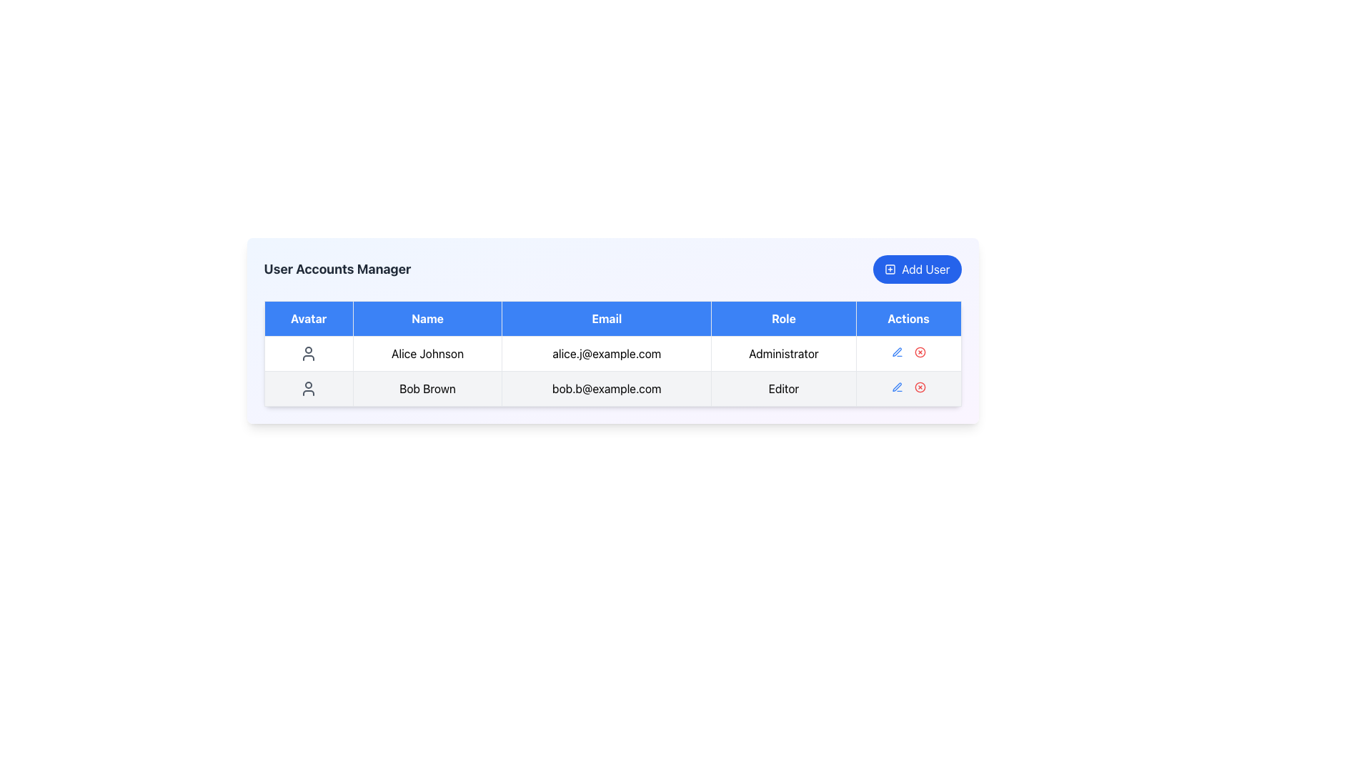 The image size is (1372, 772). What do you see at coordinates (920, 387) in the screenshot?
I see `the delete icon in the Actions column of the second row associated with user 'Bob Brown' in the user management table` at bounding box center [920, 387].